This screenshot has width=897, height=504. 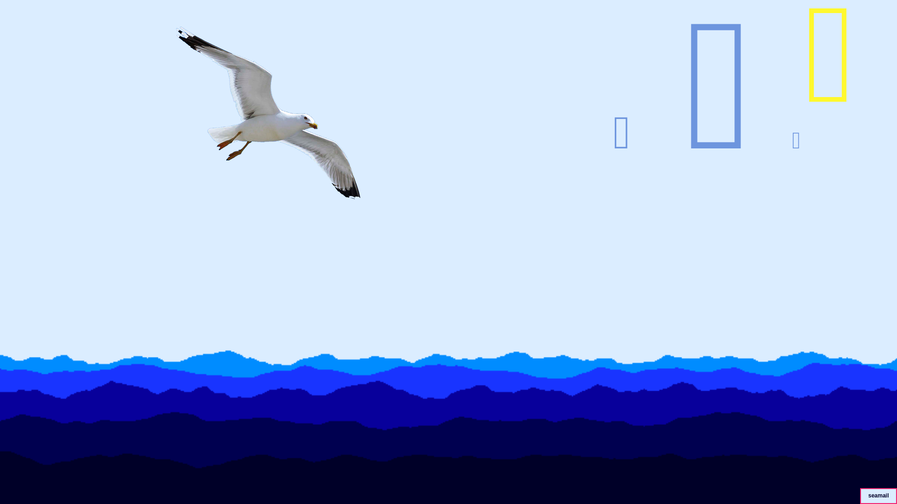 I want to click on 'seamail', so click(x=878, y=494).